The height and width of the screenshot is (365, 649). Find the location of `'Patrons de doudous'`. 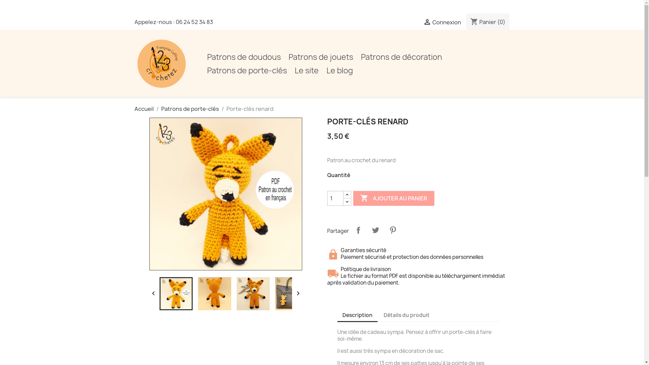

'Patrons de doudous' is located at coordinates (243, 57).